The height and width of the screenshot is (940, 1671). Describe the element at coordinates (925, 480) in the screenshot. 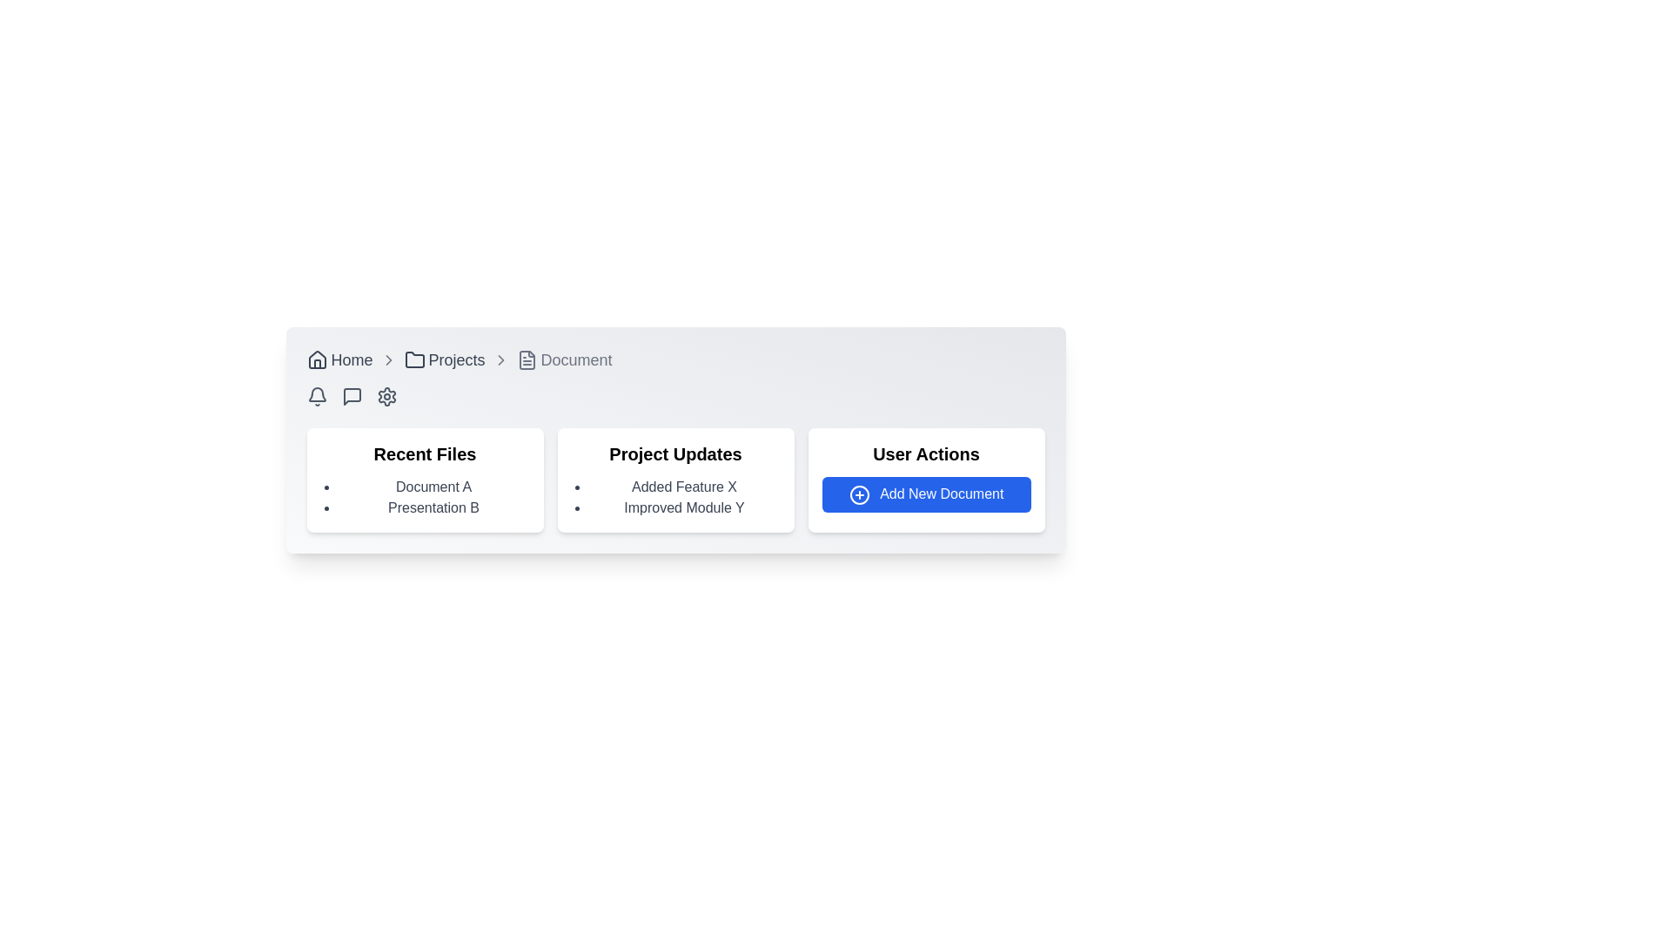

I see `the button located on the third card in the bottom right corner of the visible interface` at that location.